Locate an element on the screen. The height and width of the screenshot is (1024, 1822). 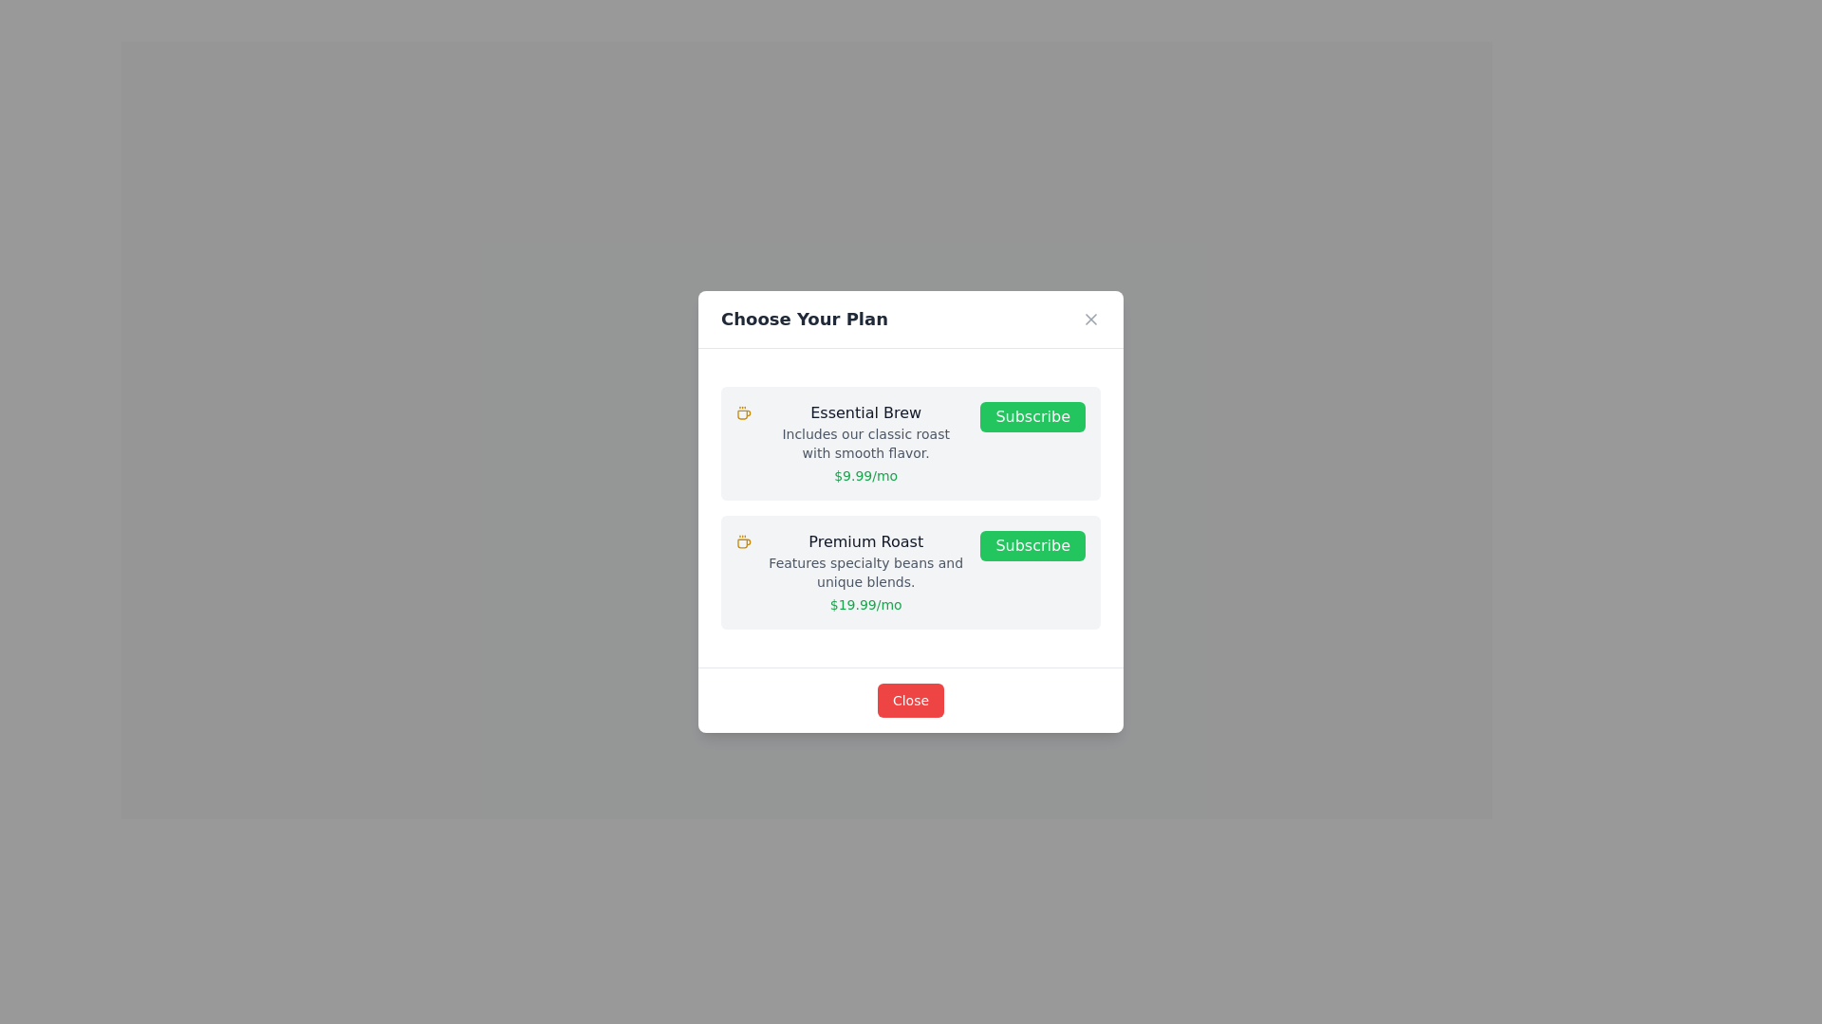
the 'Premium Roast' subscription button located in the second option group of the 'Choose Your Plan' dialog box is located at coordinates (1032, 545).